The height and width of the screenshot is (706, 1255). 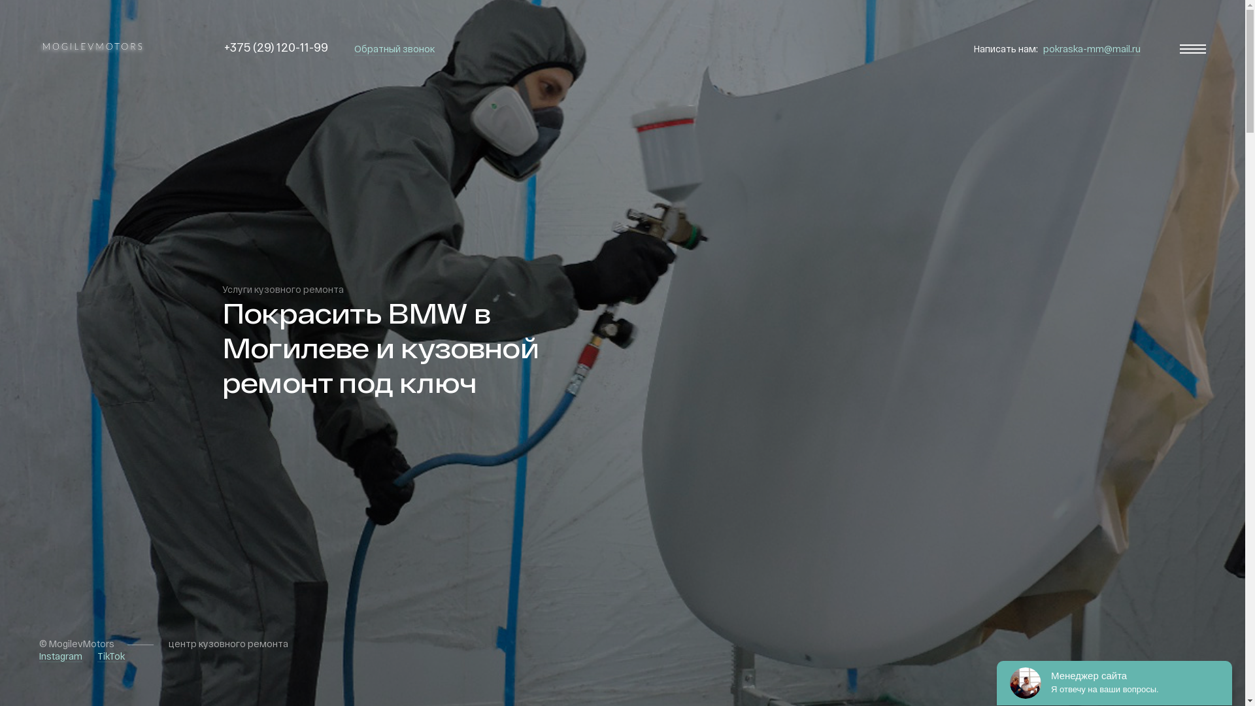 What do you see at coordinates (275, 46) in the screenshot?
I see `'+375 (29) 120-11-99'` at bounding box center [275, 46].